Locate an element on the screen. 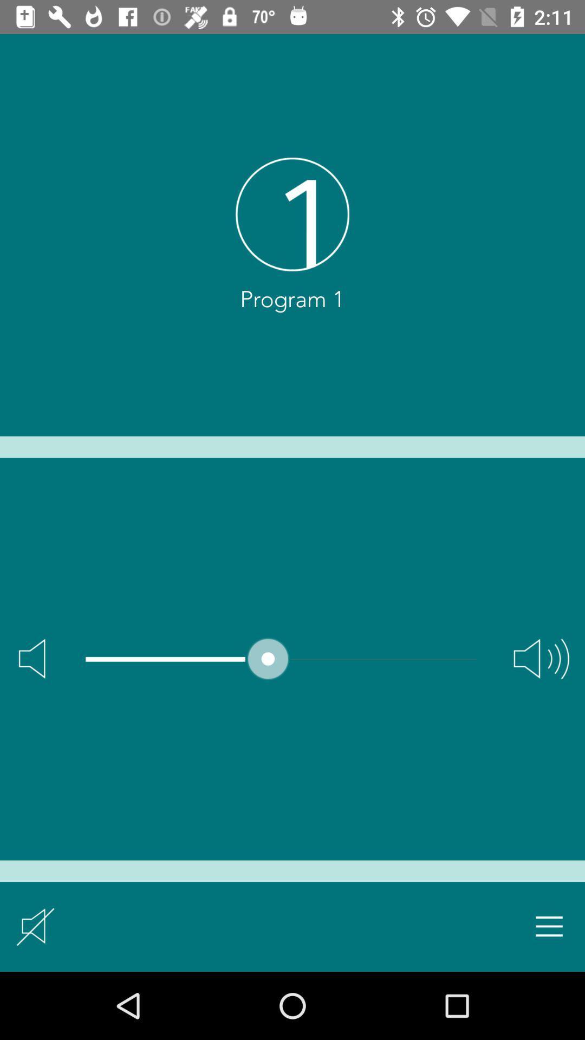  the volume icon is located at coordinates (31, 658).